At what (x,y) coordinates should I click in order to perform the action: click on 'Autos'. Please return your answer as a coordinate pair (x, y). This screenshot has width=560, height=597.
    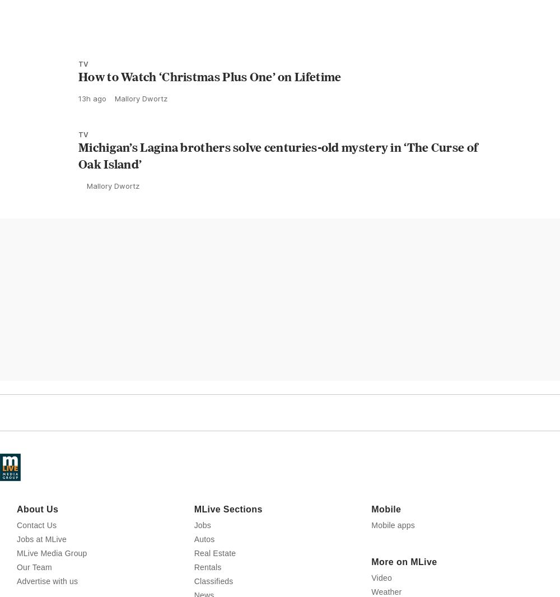
    Looking at the image, I should click on (203, 588).